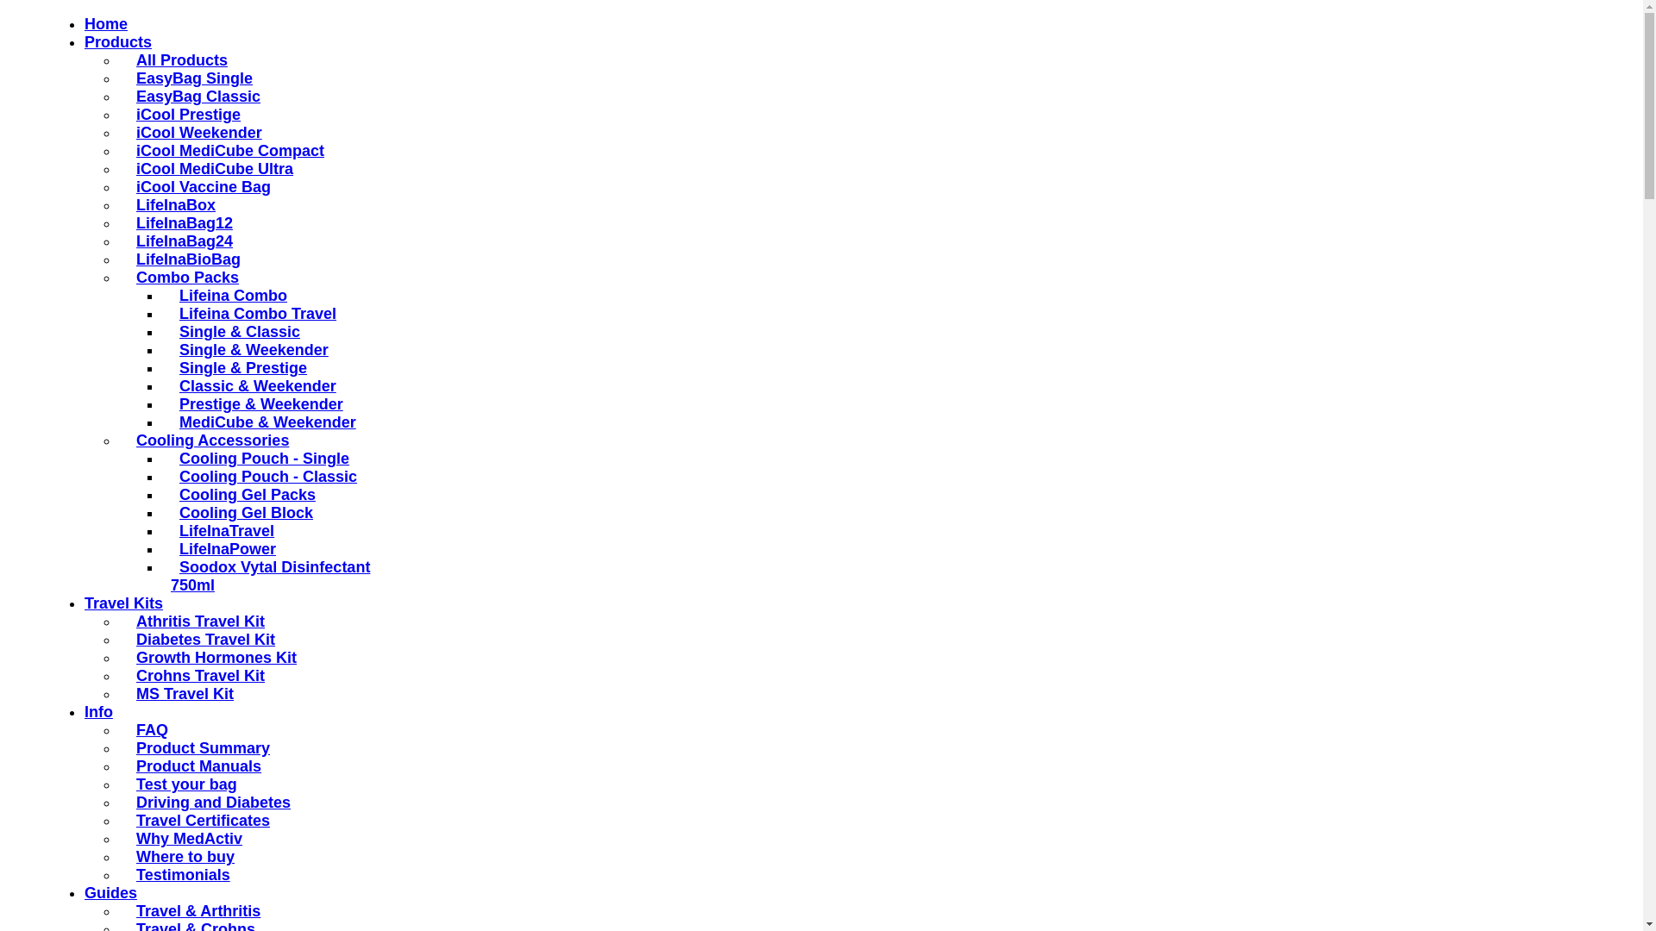  Describe the element at coordinates (255, 404) in the screenshot. I see `'Prestige & Weekender'` at that location.